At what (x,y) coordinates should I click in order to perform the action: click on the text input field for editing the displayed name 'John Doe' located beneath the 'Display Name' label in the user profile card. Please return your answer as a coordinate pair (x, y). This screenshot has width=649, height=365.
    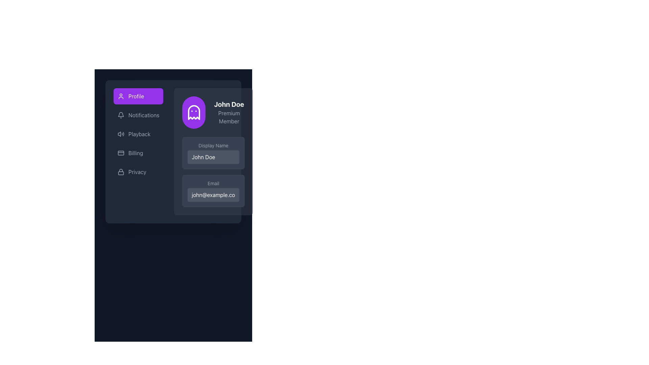
    Looking at the image, I should click on (213, 157).